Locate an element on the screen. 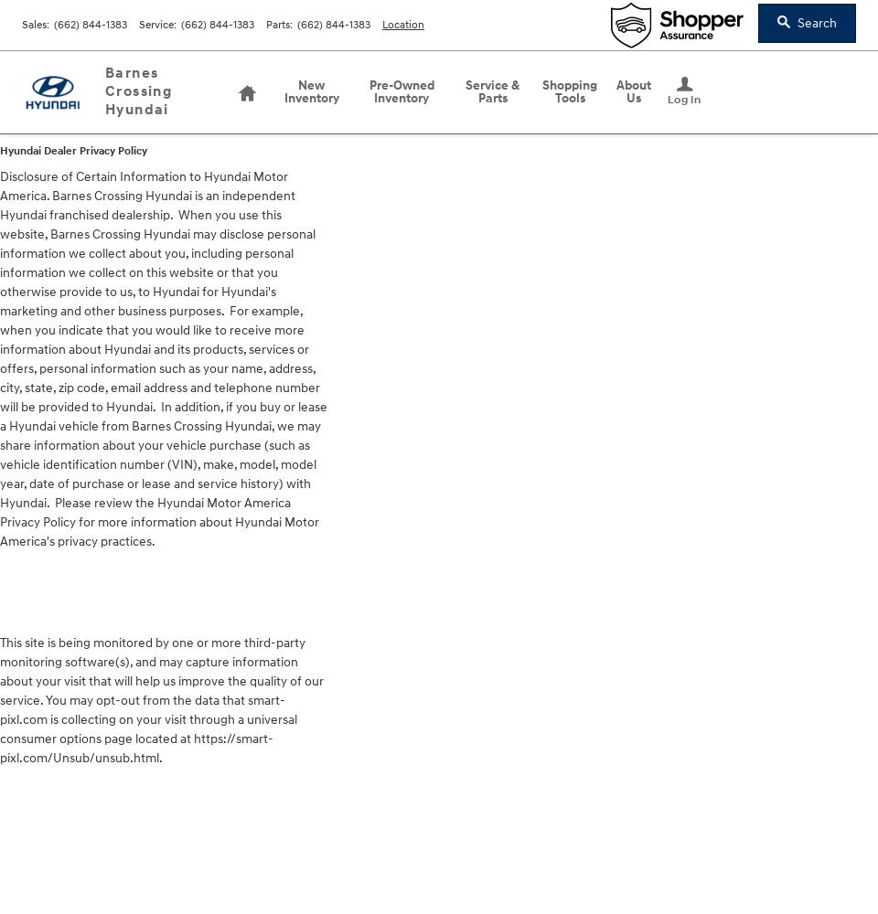 The image size is (878, 914). 'About Us' is located at coordinates (632, 90).